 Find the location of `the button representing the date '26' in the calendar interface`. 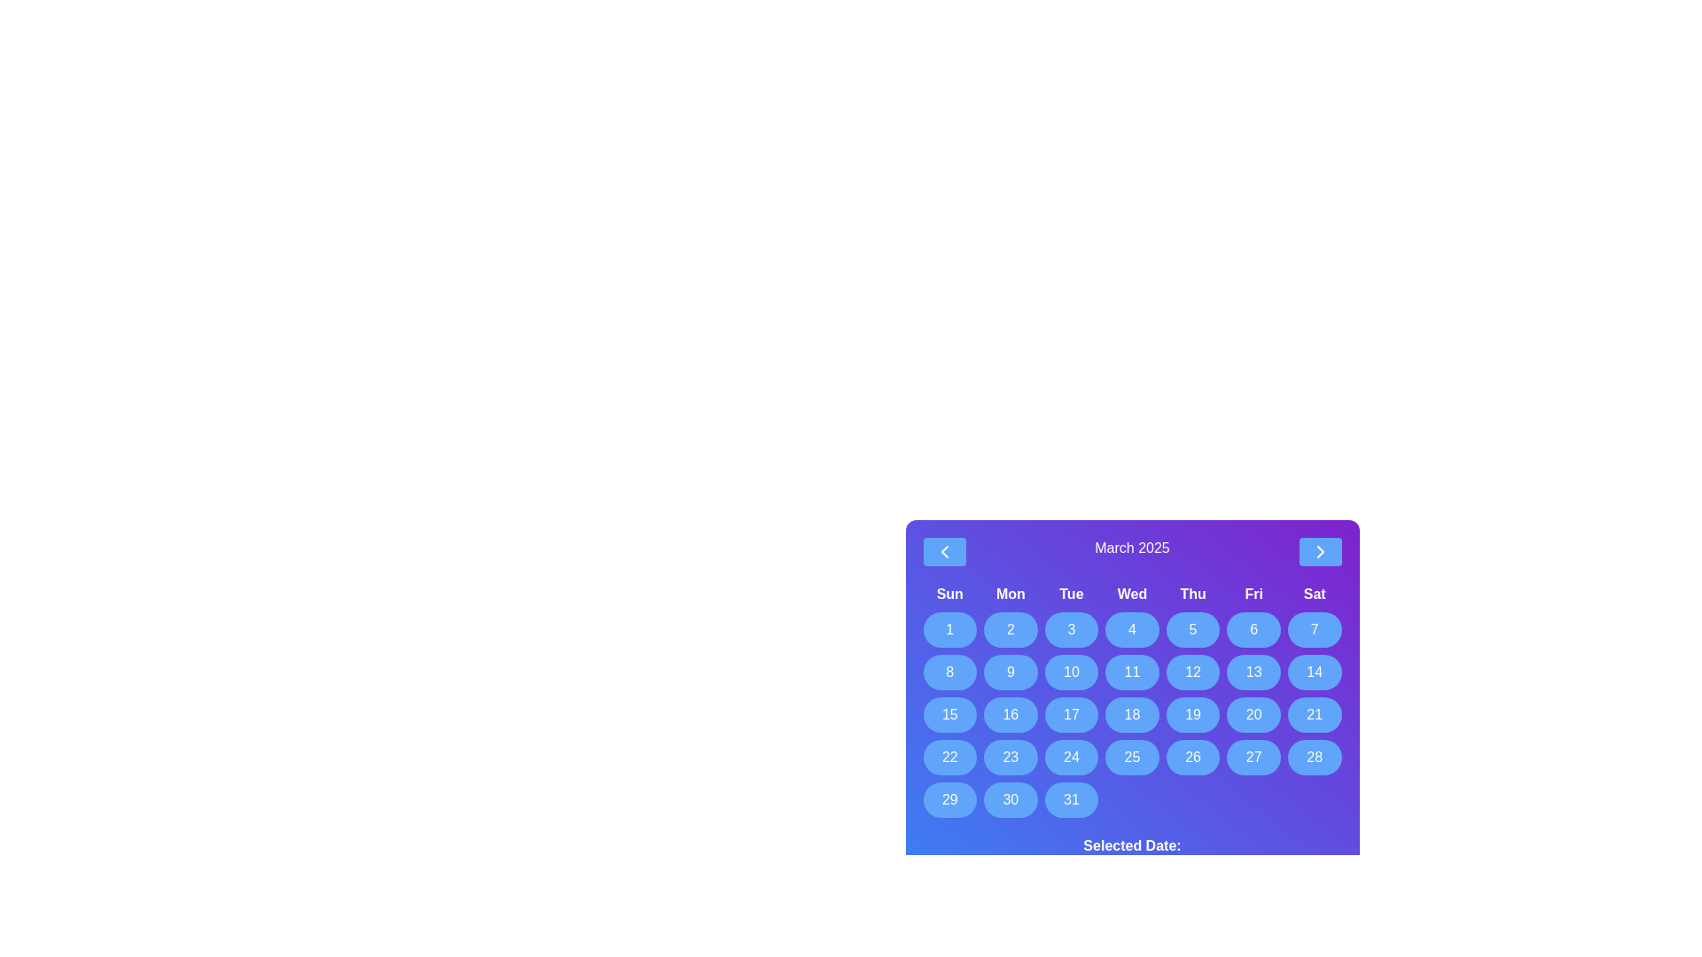

the button representing the date '26' in the calendar interface is located at coordinates (1193, 758).